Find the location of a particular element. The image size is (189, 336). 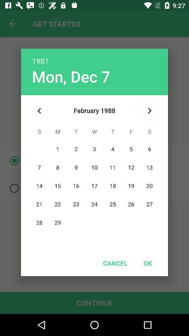

icon to the right of cancel icon is located at coordinates (147, 263).